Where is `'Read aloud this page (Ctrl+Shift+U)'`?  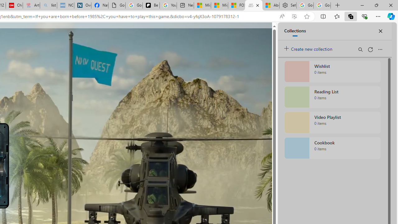 'Read aloud this page (Ctrl+Shift+U)' is located at coordinates (281, 16).